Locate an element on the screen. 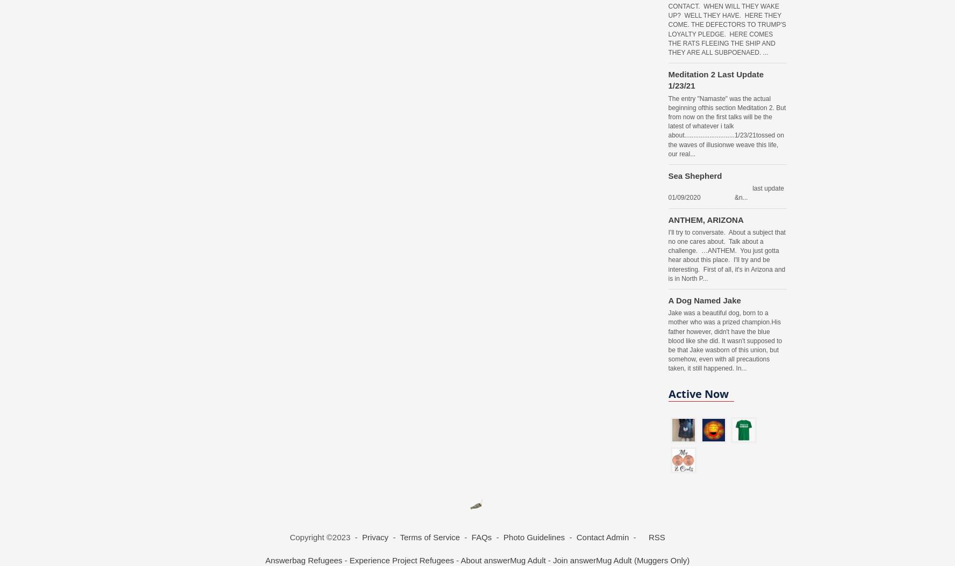 This screenshot has height=566, width=955. 'I'll try to conversate.  About a subject that no one cares about.  Talk about a challenge.  …ANTHEM.  You just gotta hear about this place.  I'll try and be interesting.  First of all, it's in Arizona and is in North P...' is located at coordinates (726, 255).